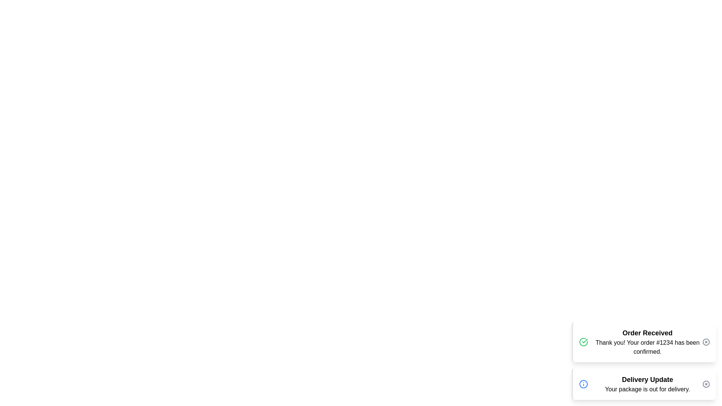 The height and width of the screenshot is (406, 722). Describe the element at coordinates (643, 342) in the screenshot. I see `the notification to review its content` at that location.